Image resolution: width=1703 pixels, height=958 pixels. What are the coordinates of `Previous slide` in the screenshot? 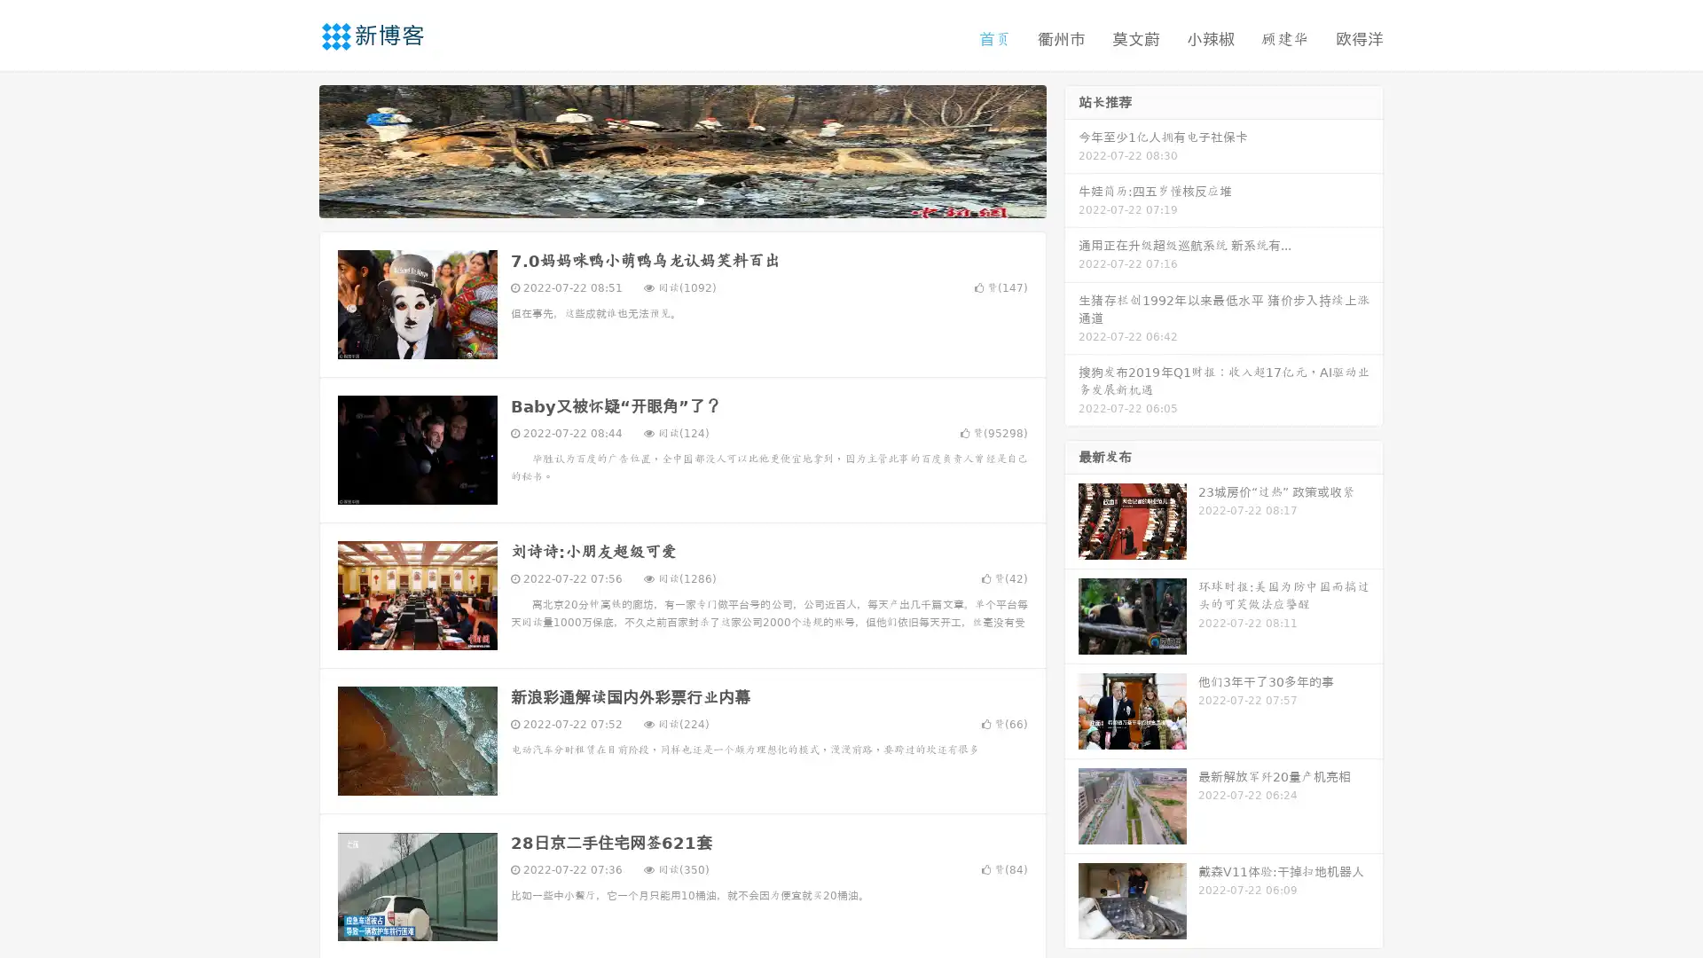 It's located at (293, 149).